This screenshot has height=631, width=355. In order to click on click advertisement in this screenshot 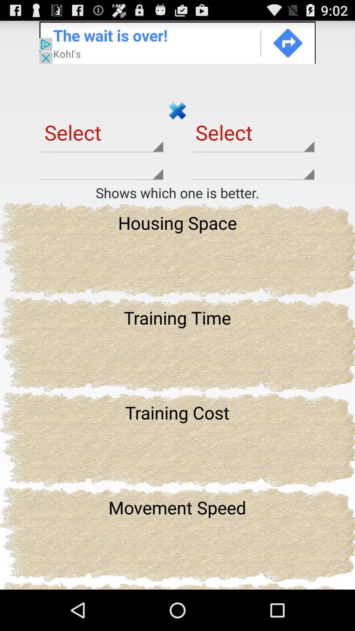, I will do `click(177, 42)`.